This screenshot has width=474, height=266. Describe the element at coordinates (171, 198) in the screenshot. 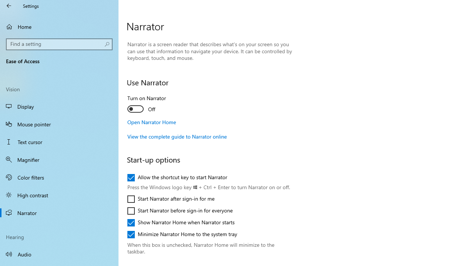

I see `'Start Narrator after sign-in for me'` at that location.